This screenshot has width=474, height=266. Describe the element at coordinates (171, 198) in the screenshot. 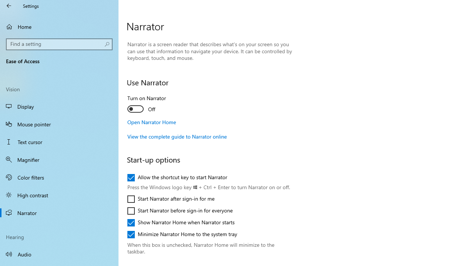

I see `'Start Narrator after sign-in for me'` at that location.